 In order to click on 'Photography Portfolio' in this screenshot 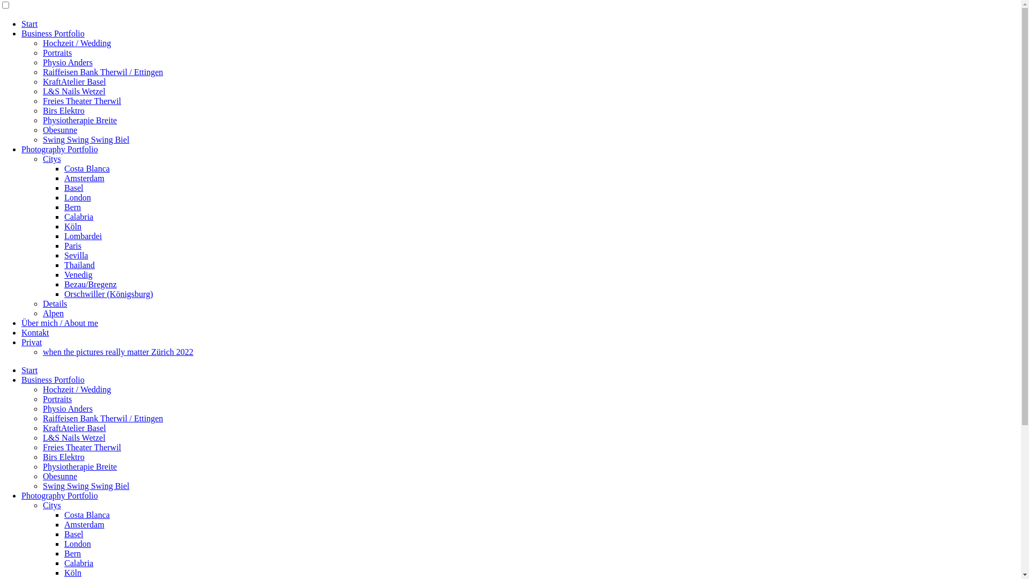, I will do `click(59, 495)`.